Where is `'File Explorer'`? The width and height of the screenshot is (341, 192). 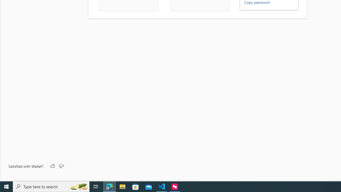 'File Explorer' is located at coordinates (122, 186).